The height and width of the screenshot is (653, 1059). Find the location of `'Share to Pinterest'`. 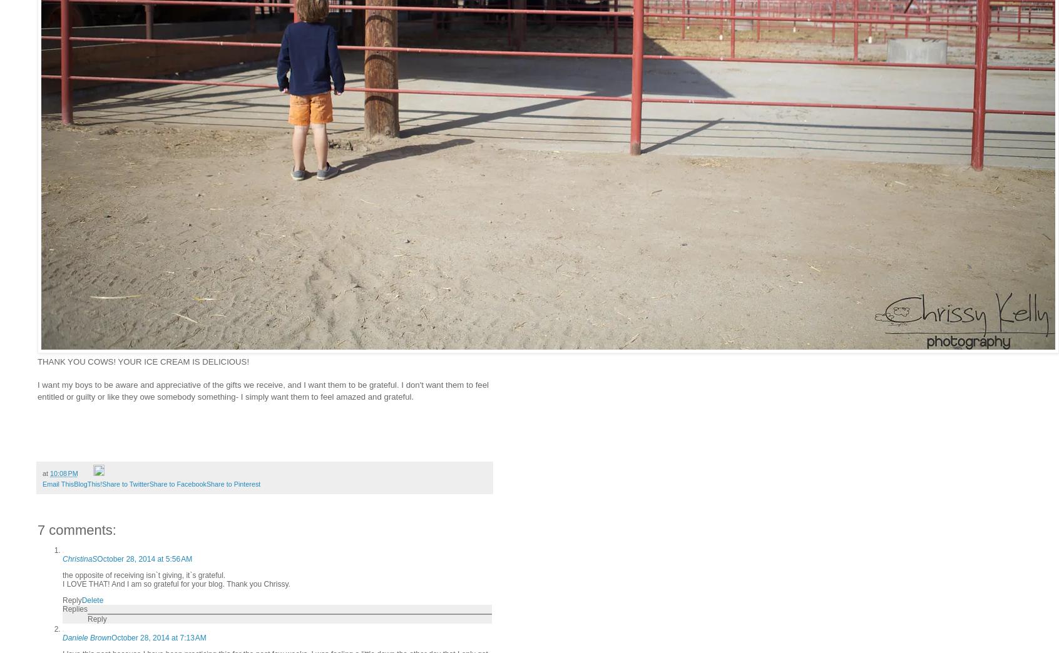

'Share to Pinterest' is located at coordinates (233, 484).